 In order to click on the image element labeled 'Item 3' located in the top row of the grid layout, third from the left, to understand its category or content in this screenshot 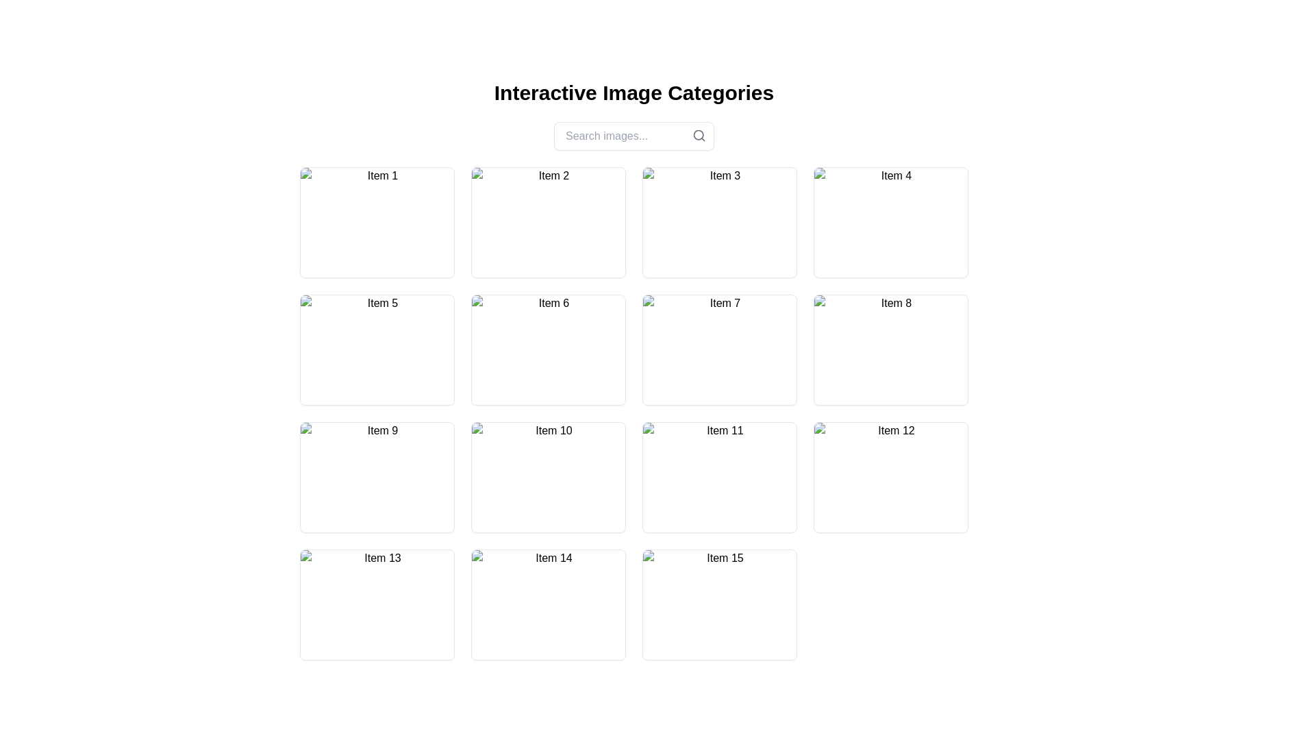, I will do `click(719, 221)`.